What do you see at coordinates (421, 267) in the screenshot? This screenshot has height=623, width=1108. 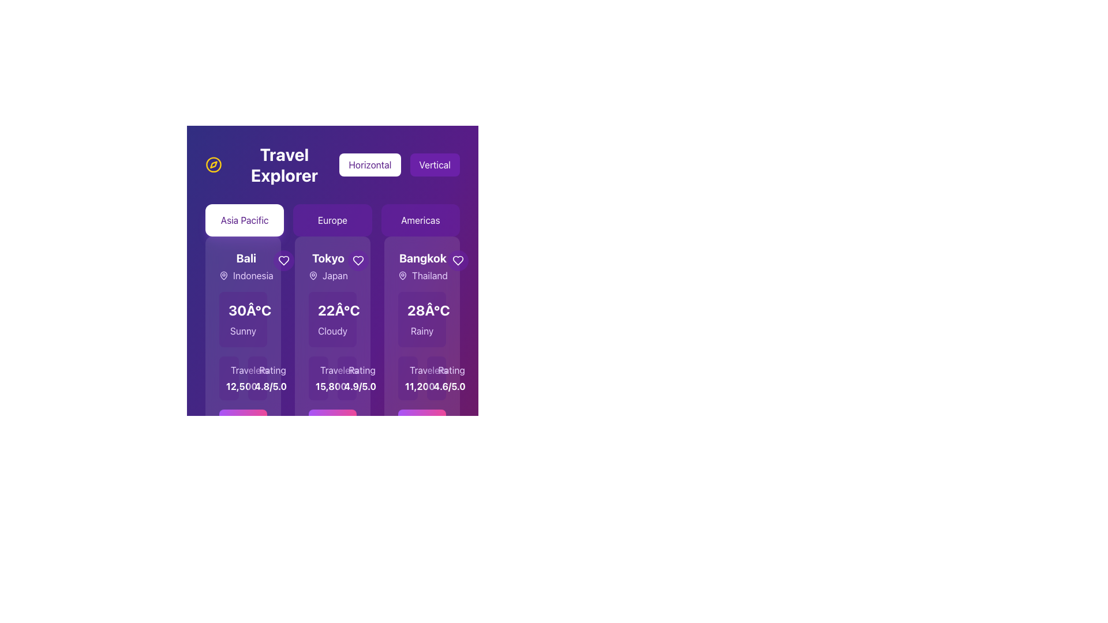 I see `the title text label for 'Bangkok, Thailand' located in the top-left section of the travel card in the 'Travel Explorer' interface` at bounding box center [421, 267].